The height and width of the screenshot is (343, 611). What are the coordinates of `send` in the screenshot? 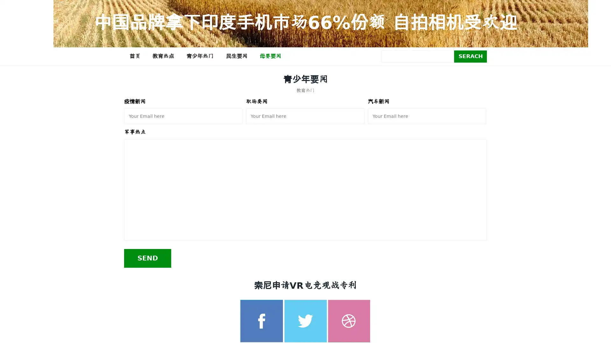 It's located at (147, 258).